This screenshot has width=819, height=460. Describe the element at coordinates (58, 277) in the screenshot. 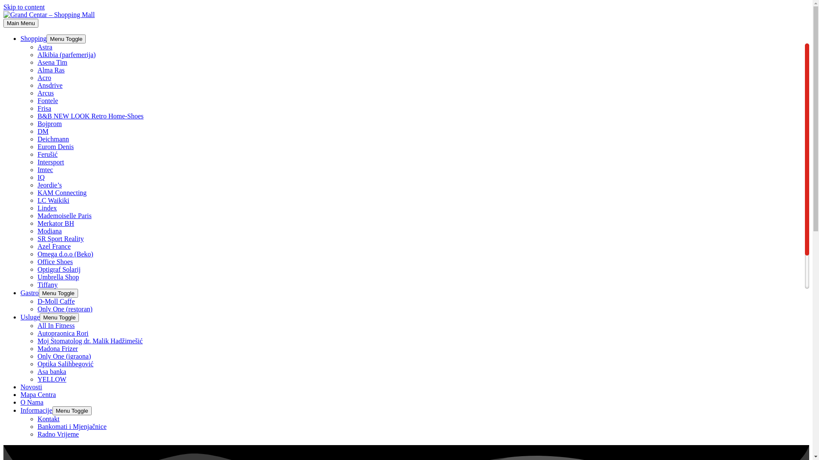

I see `'Umbrella Shop'` at that location.